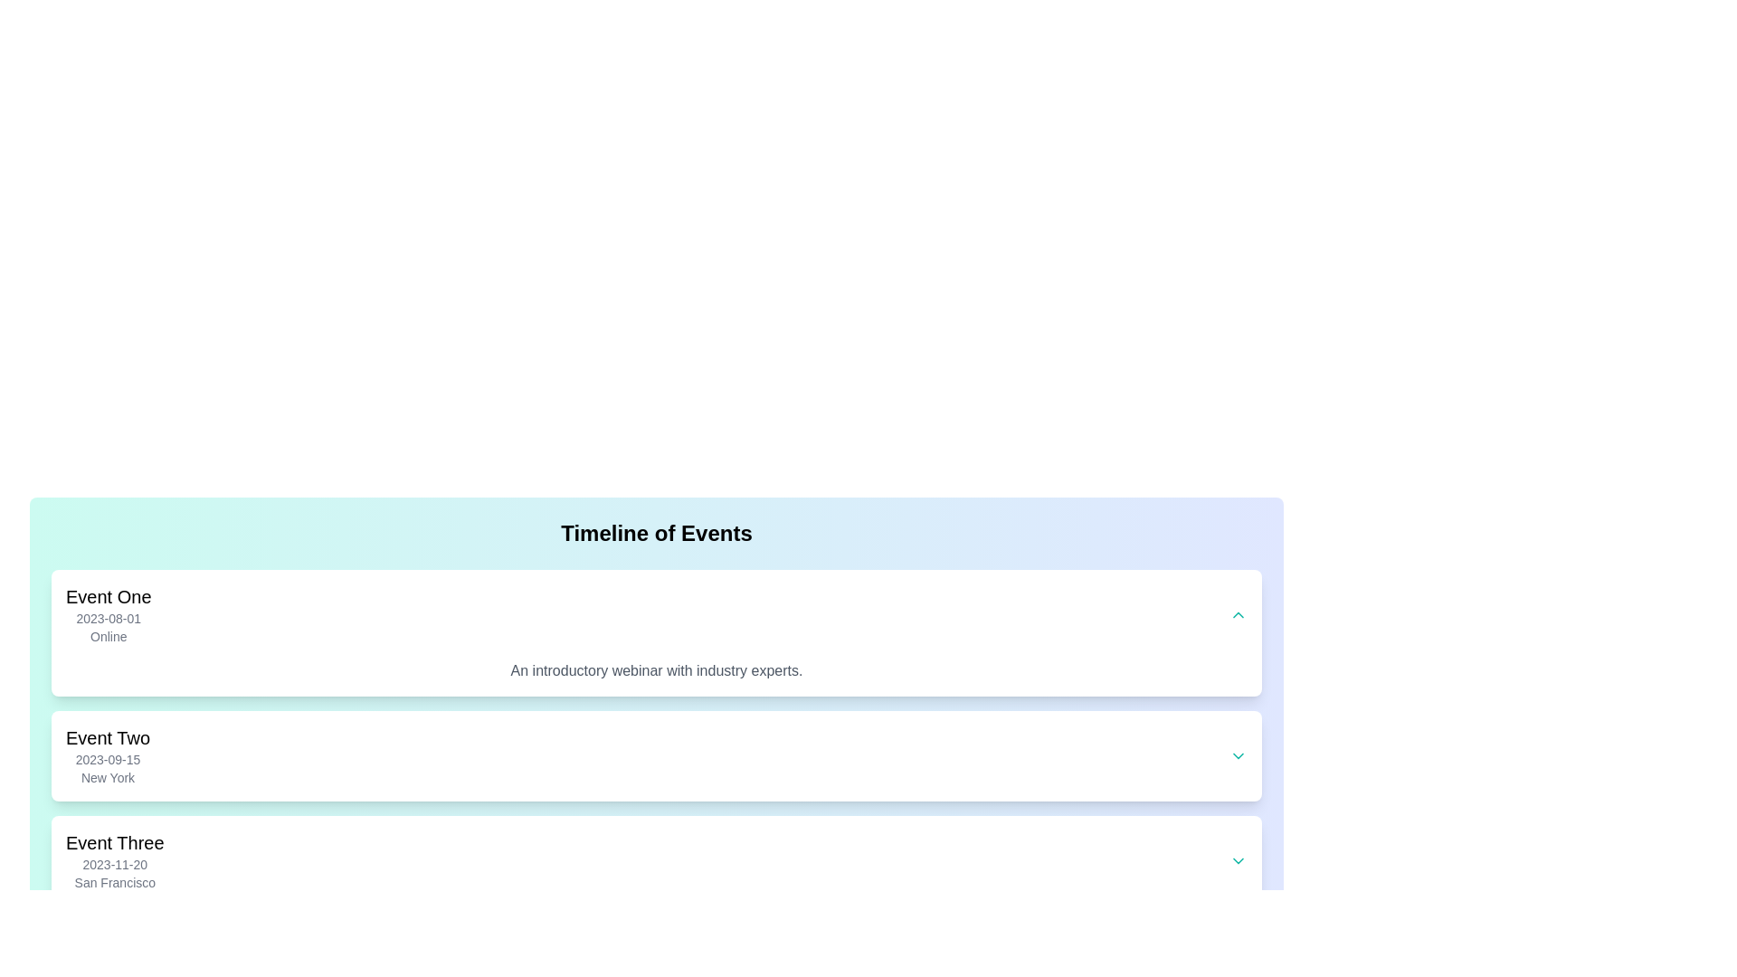  Describe the element at coordinates (655, 670) in the screenshot. I see `the Text Label element that reads 'An introductory webinar with industry experts.' located under 'Event One'` at that location.